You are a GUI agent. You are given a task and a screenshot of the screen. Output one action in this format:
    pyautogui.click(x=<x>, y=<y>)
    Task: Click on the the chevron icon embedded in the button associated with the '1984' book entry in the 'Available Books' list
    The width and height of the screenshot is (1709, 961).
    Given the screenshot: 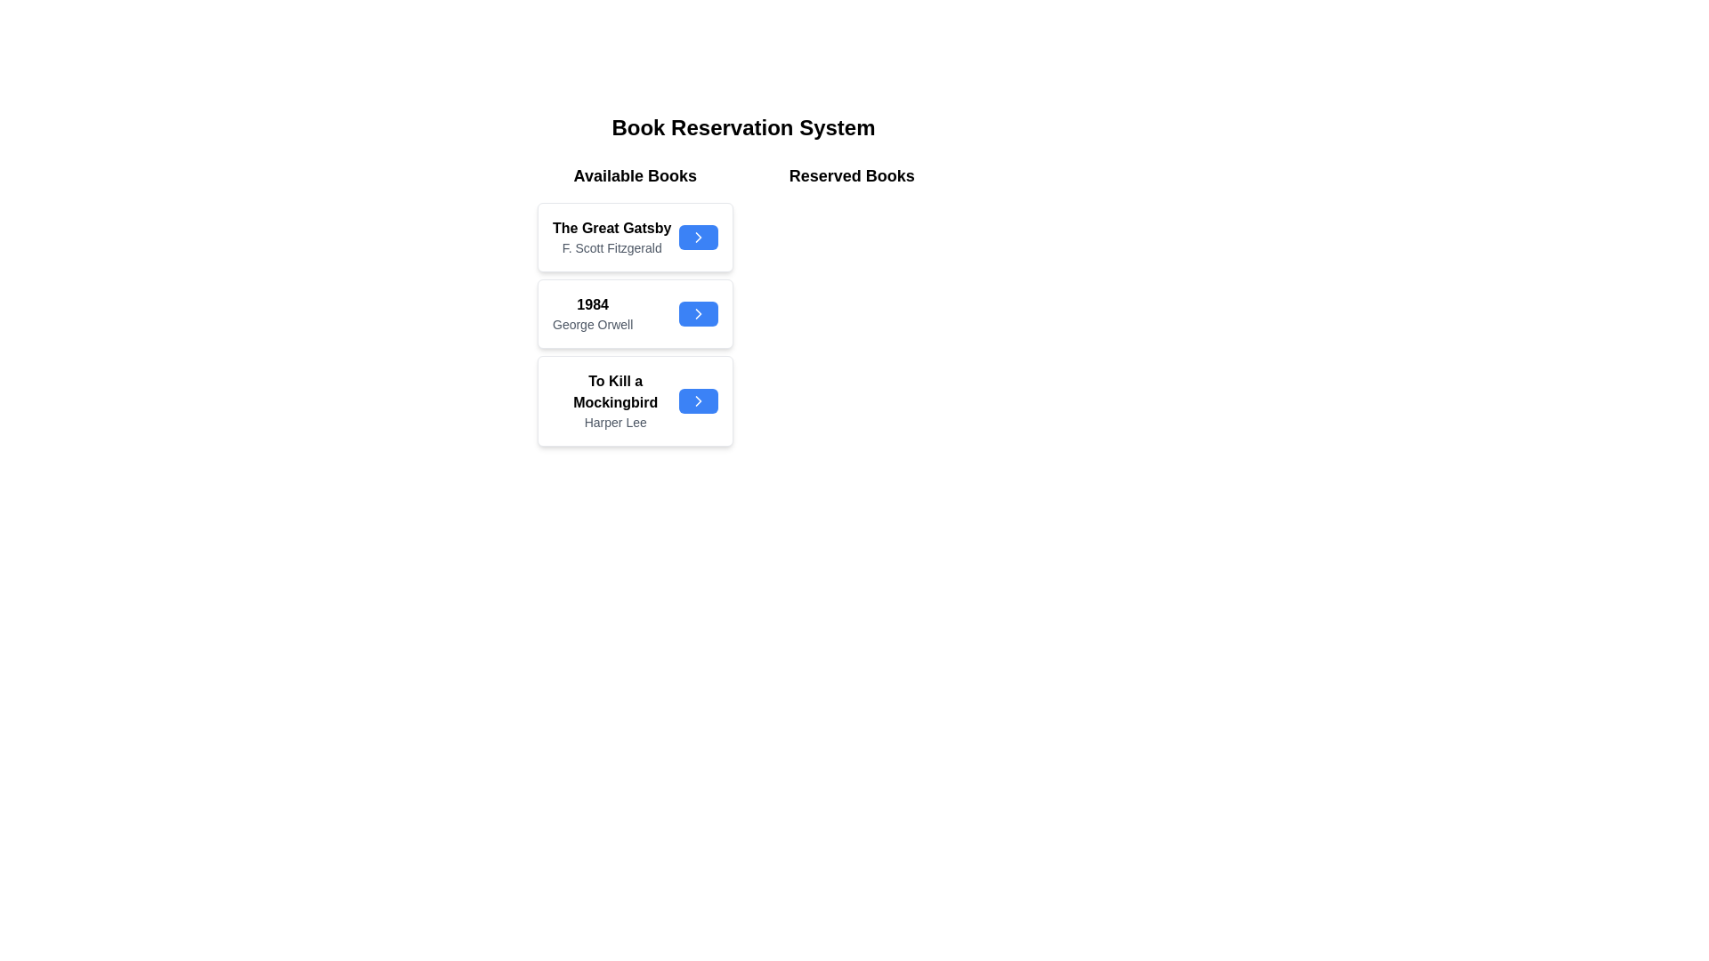 What is the action you would take?
    pyautogui.click(x=697, y=313)
    